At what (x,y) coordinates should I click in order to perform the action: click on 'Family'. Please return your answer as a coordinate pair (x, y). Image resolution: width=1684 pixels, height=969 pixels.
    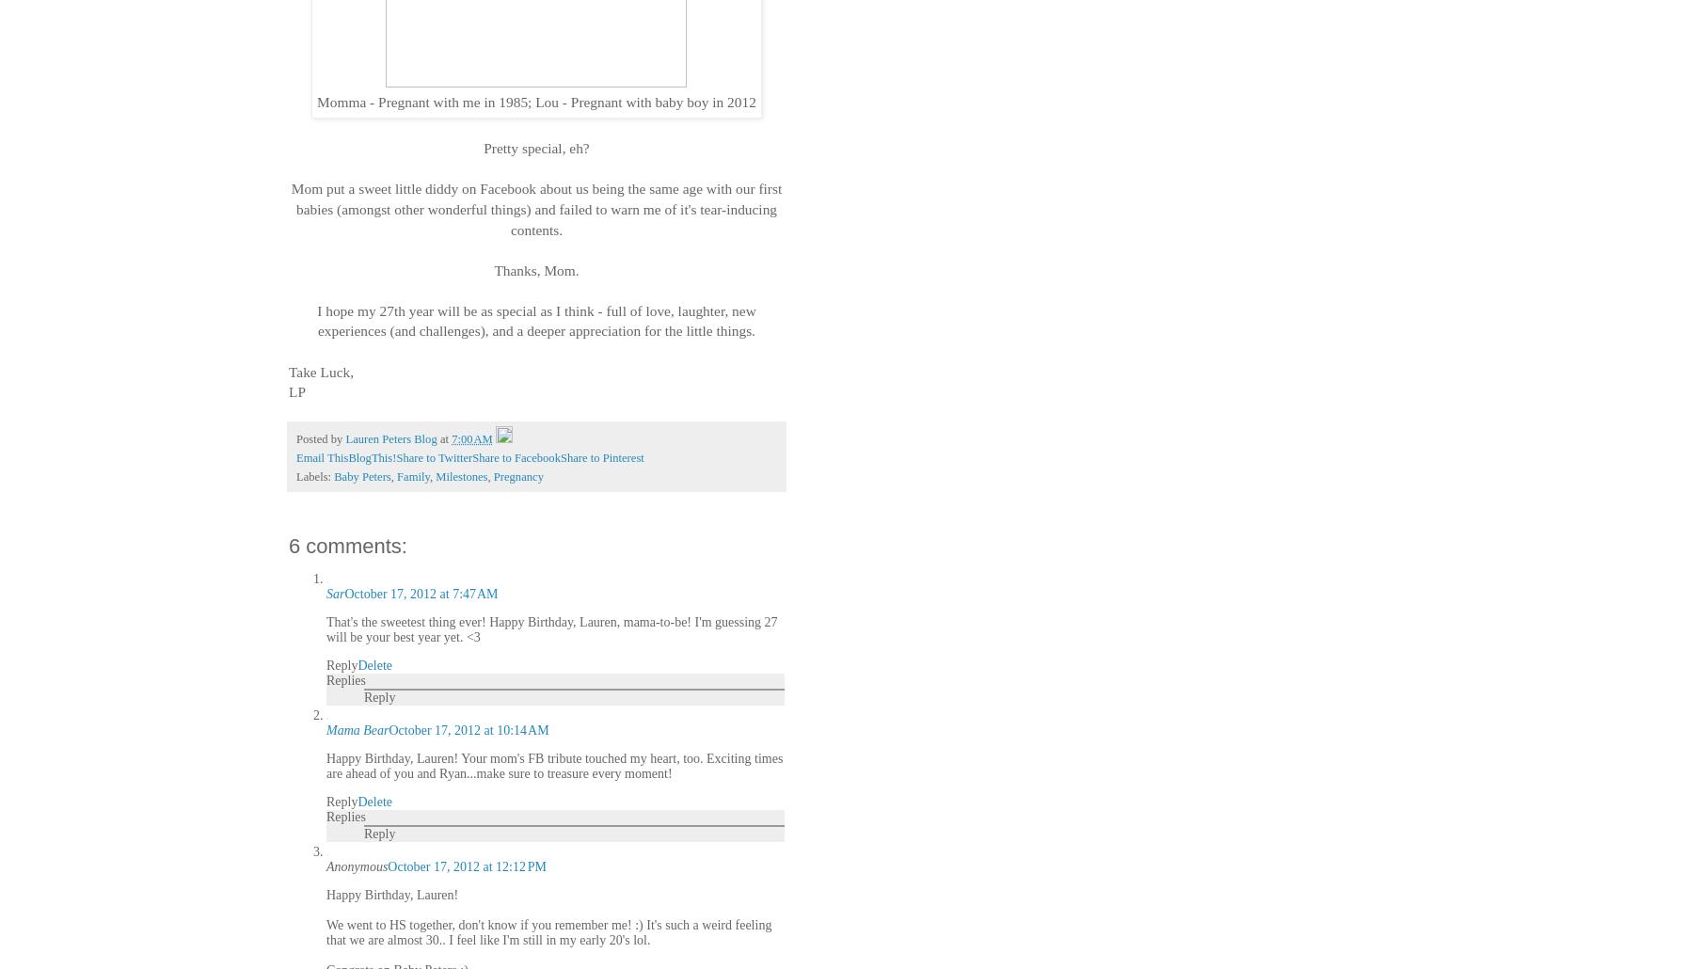
    Looking at the image, I should click on (397, 475).